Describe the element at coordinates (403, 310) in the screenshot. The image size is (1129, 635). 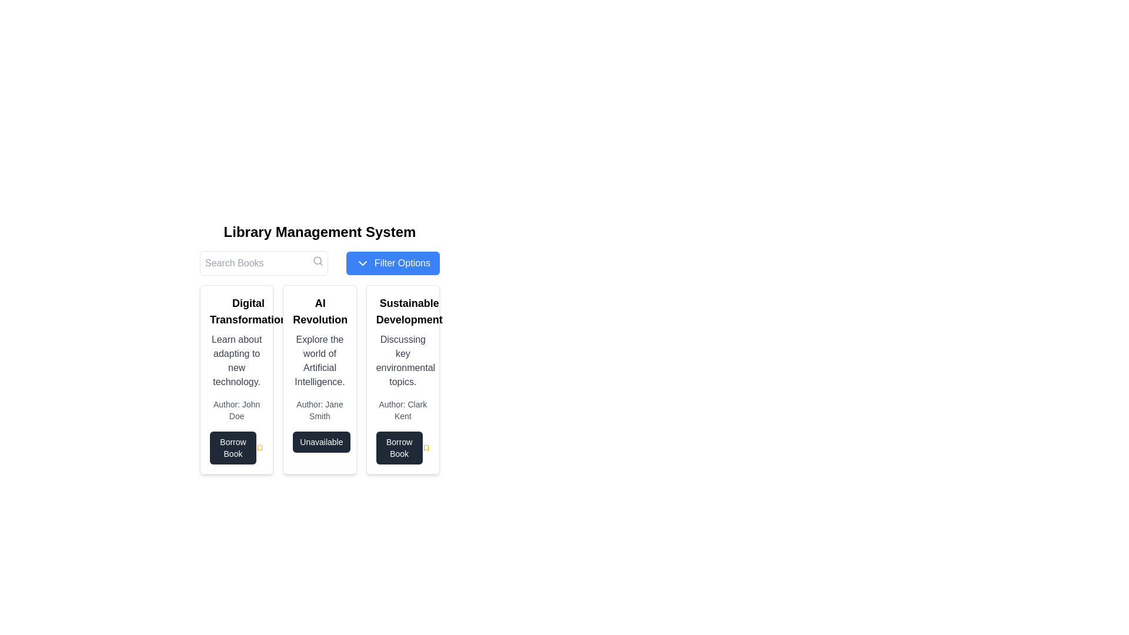
I see `bold text element 'Sustainable Development' located in the top-right section of the book card interface` at that location.